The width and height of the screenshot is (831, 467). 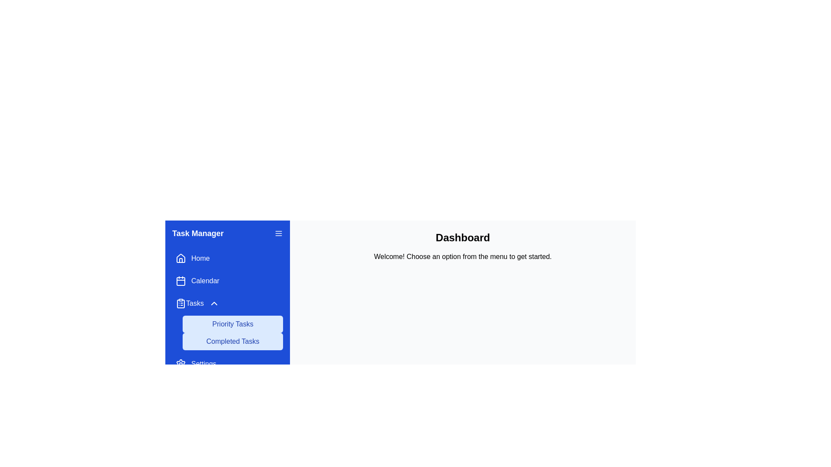 What do you see at coordinates (214, 303) in the screenshot?
I see `the chevron icon at the rightmost part of the 'Tasks' entry in the navigation panel` at bounding box center [214, 303].